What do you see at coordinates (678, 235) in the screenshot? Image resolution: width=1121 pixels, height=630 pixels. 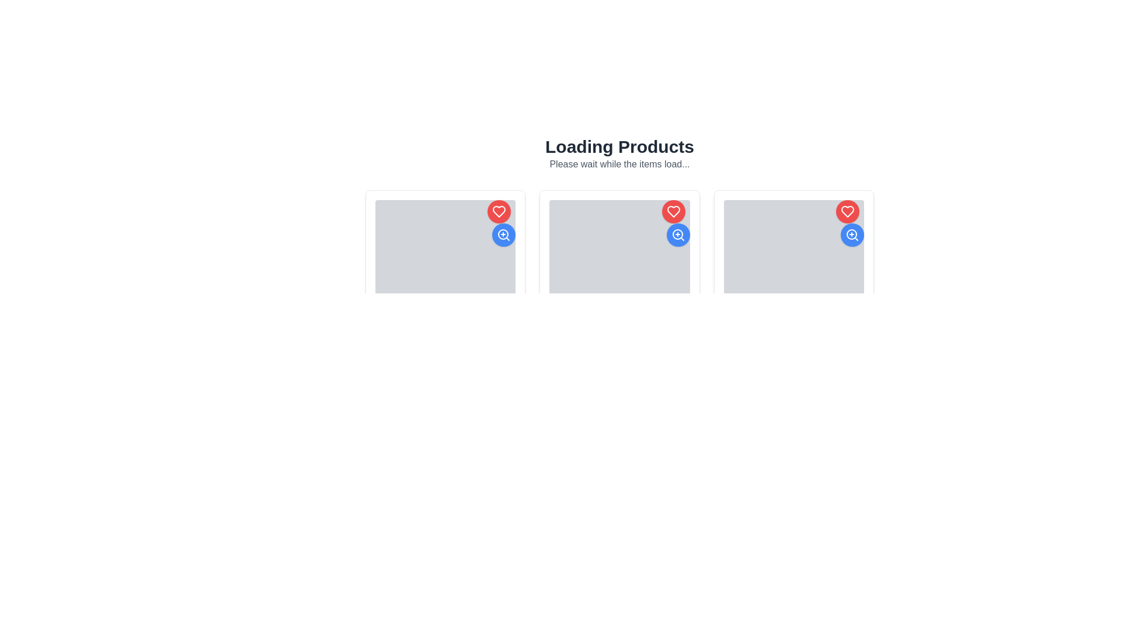 I see `the circular blue button with a white magnifying glass and '+' symbol in the bottom right corner of the second card` at bounding box center [678, 235].